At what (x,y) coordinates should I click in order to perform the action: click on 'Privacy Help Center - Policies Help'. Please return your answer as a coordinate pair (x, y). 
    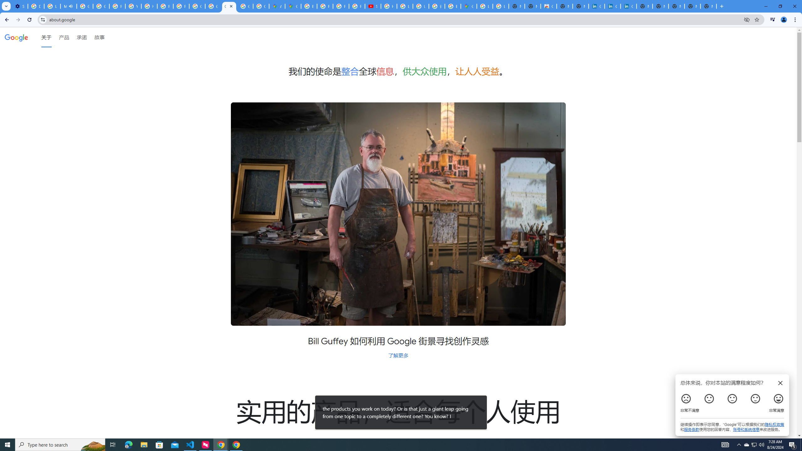
    Looking at the image, I should click on (325, 6).